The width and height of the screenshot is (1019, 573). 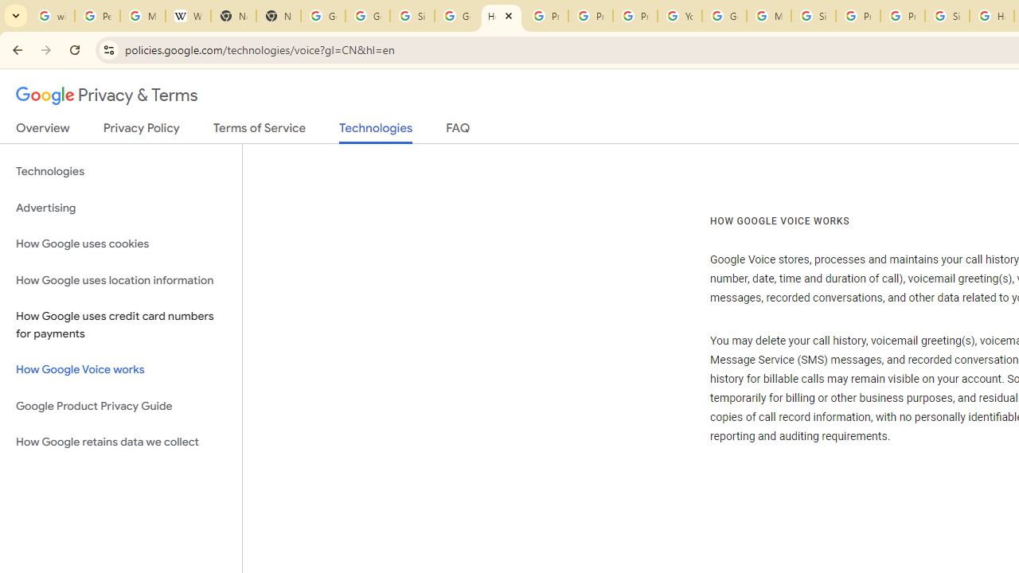 I want to click on 'YouTube', so click(x=679, y=16).